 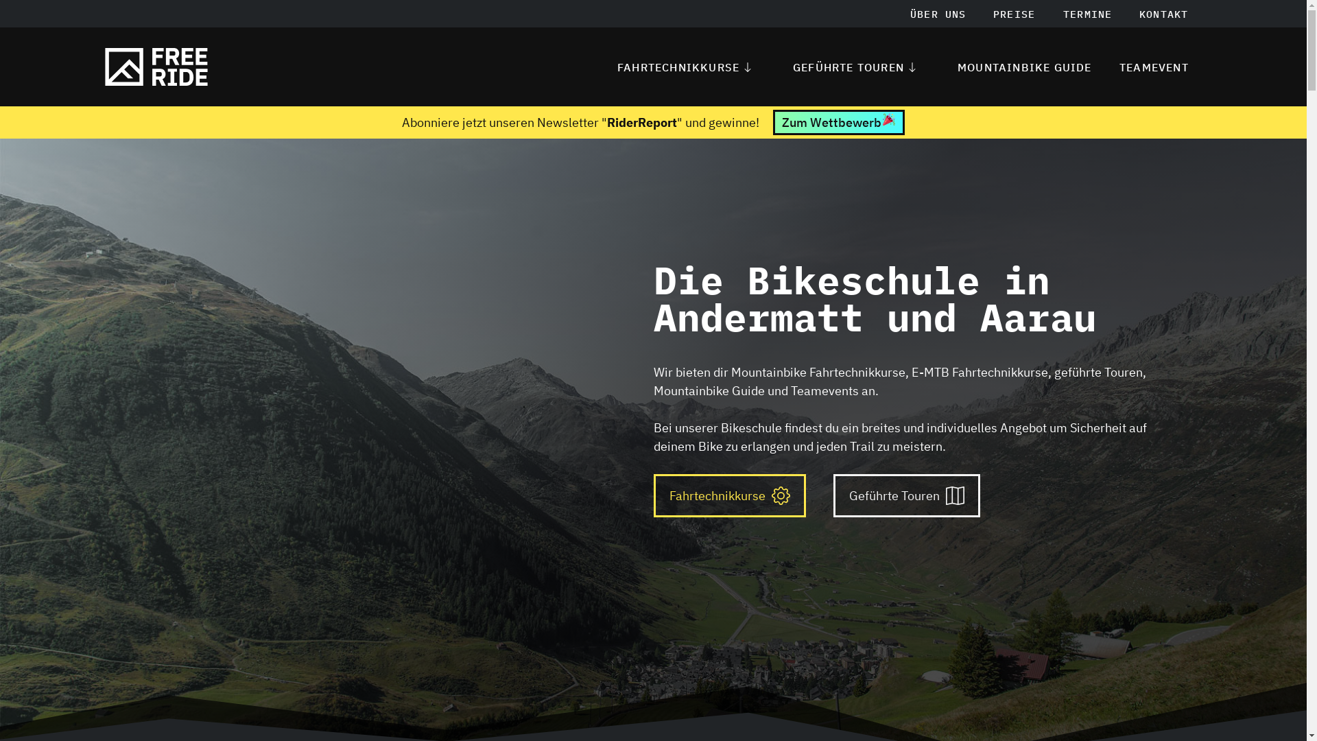 What do you see at coordinates (652, 495) in the screenshot?
I see `'Fahrtechnikkurse'` at bounding box center [652, 495].